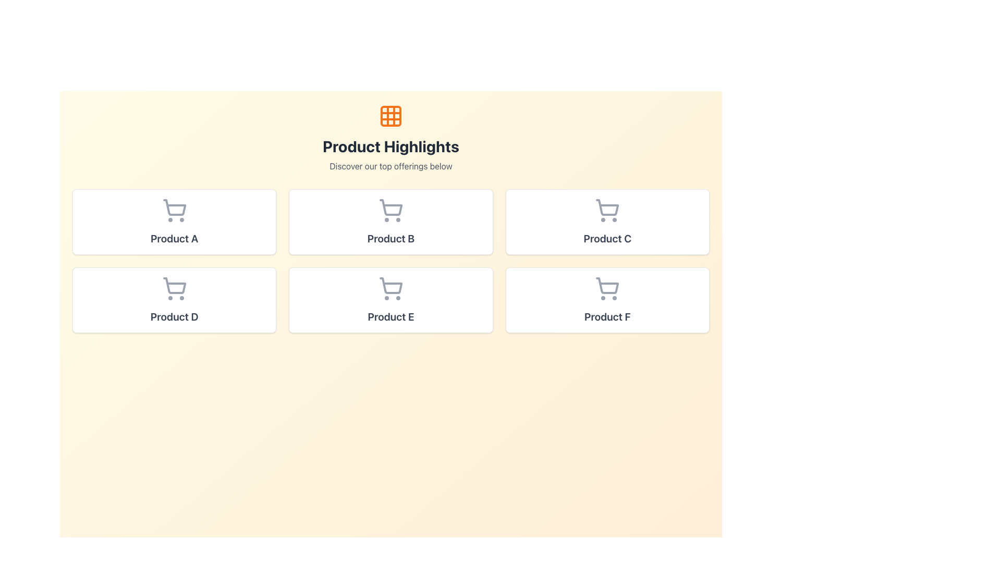  What do you see at coordinates (390, 116) in the screenshot?
I see `the grid icon component located at the center of the 3x3 grid layout, which symbolizes organization or selection of items` at bounding box center [390, 116].